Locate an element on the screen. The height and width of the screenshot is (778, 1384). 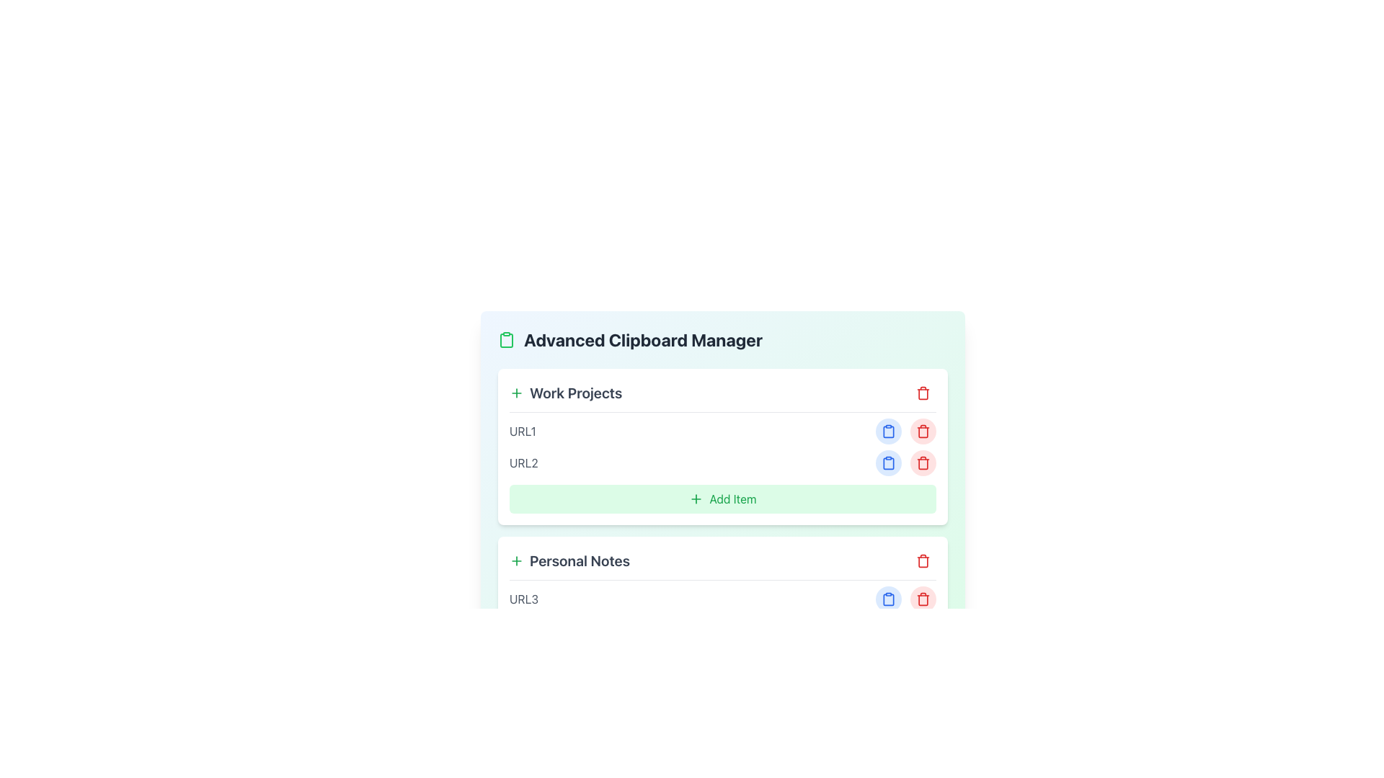
the 'Personal Notes' text label located in the lower section of the structured card interface, aligned to the left below 'Work Projects' is located at coordinates (569, 560).